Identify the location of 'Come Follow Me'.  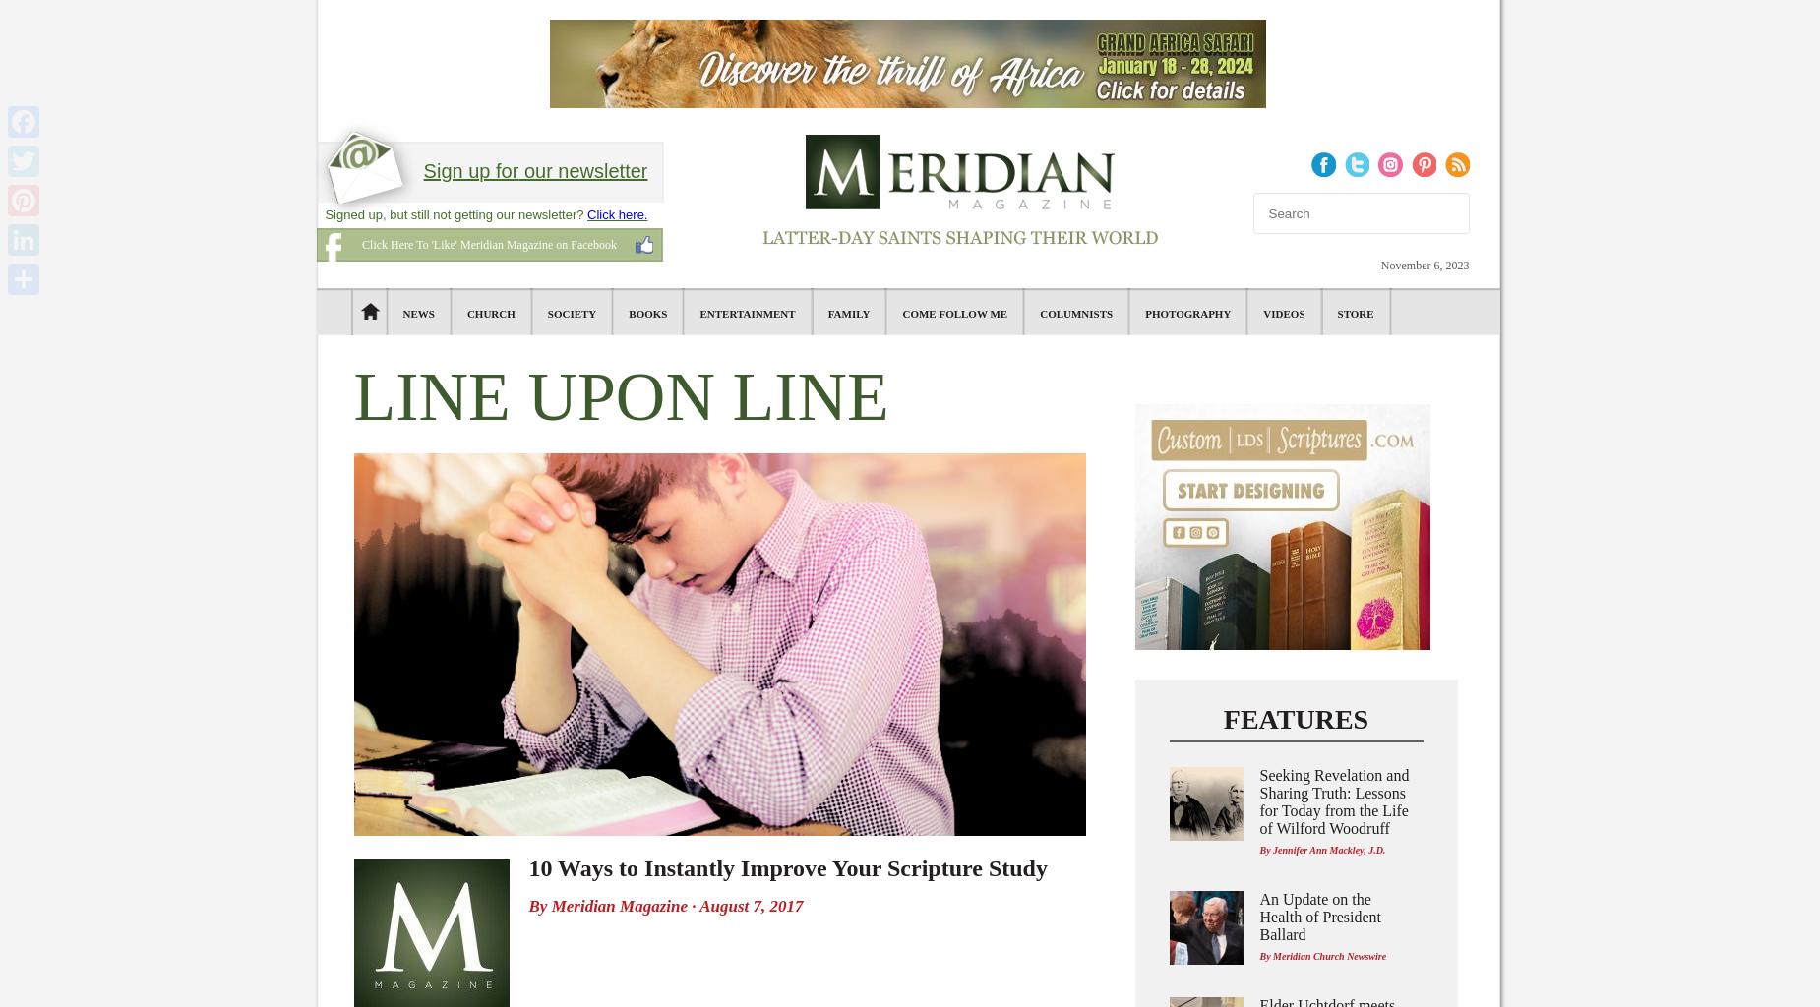
(902, 312).